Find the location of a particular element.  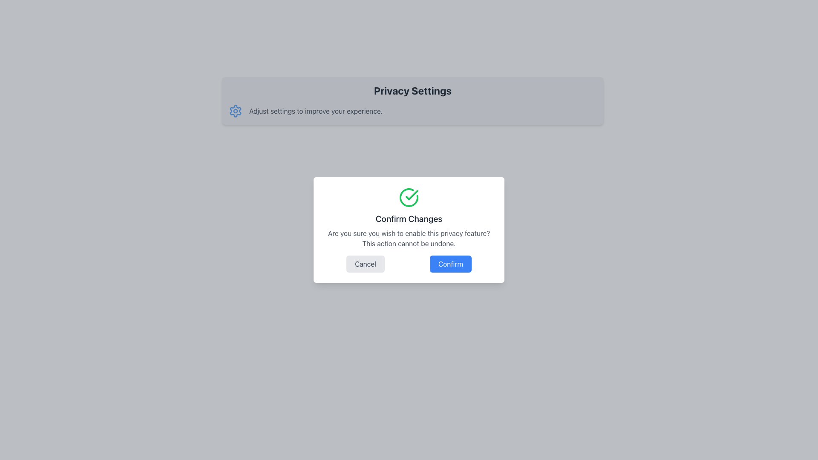

bold, centered text label 'Privacy Settings' located at the top-center of the light gray rounded rectangle box is located at coordinates (413, 90).